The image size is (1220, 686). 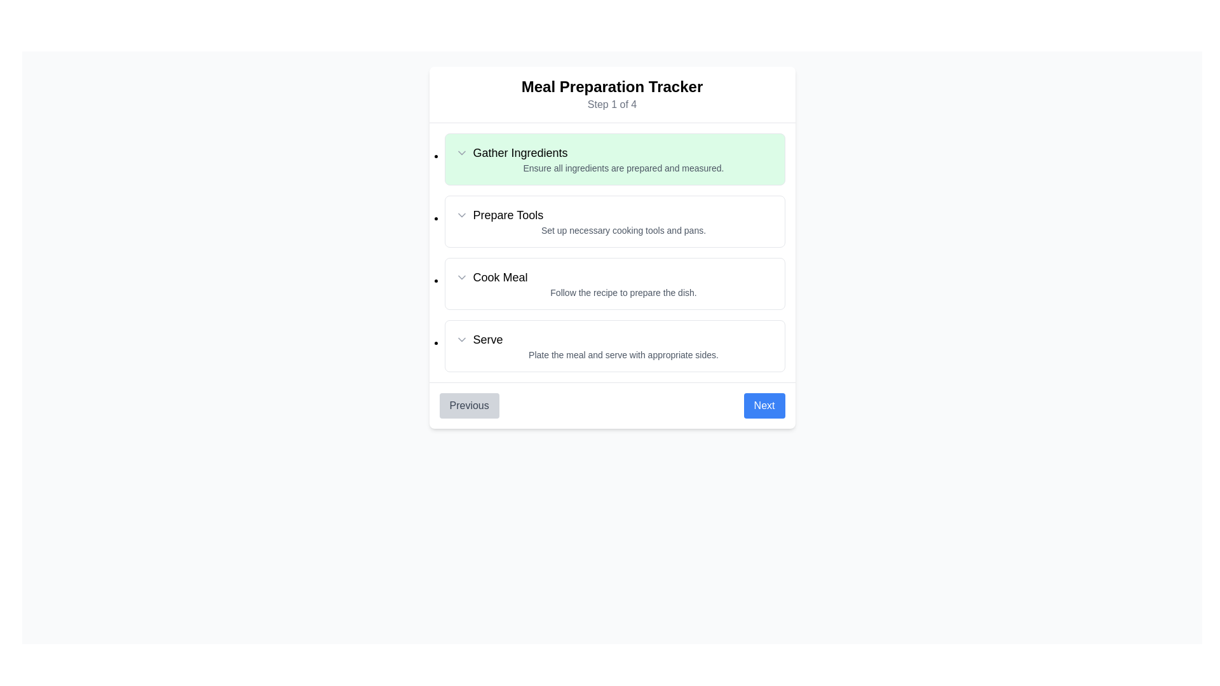 What do you see at coordinates (499, 276) in the screenshot?
I see `the static text indicating the third step in the procedure for cooking the meal, positioned centrally below 'Prepare Tools' and above 'Serve.'` at bounding box center [499, 276].